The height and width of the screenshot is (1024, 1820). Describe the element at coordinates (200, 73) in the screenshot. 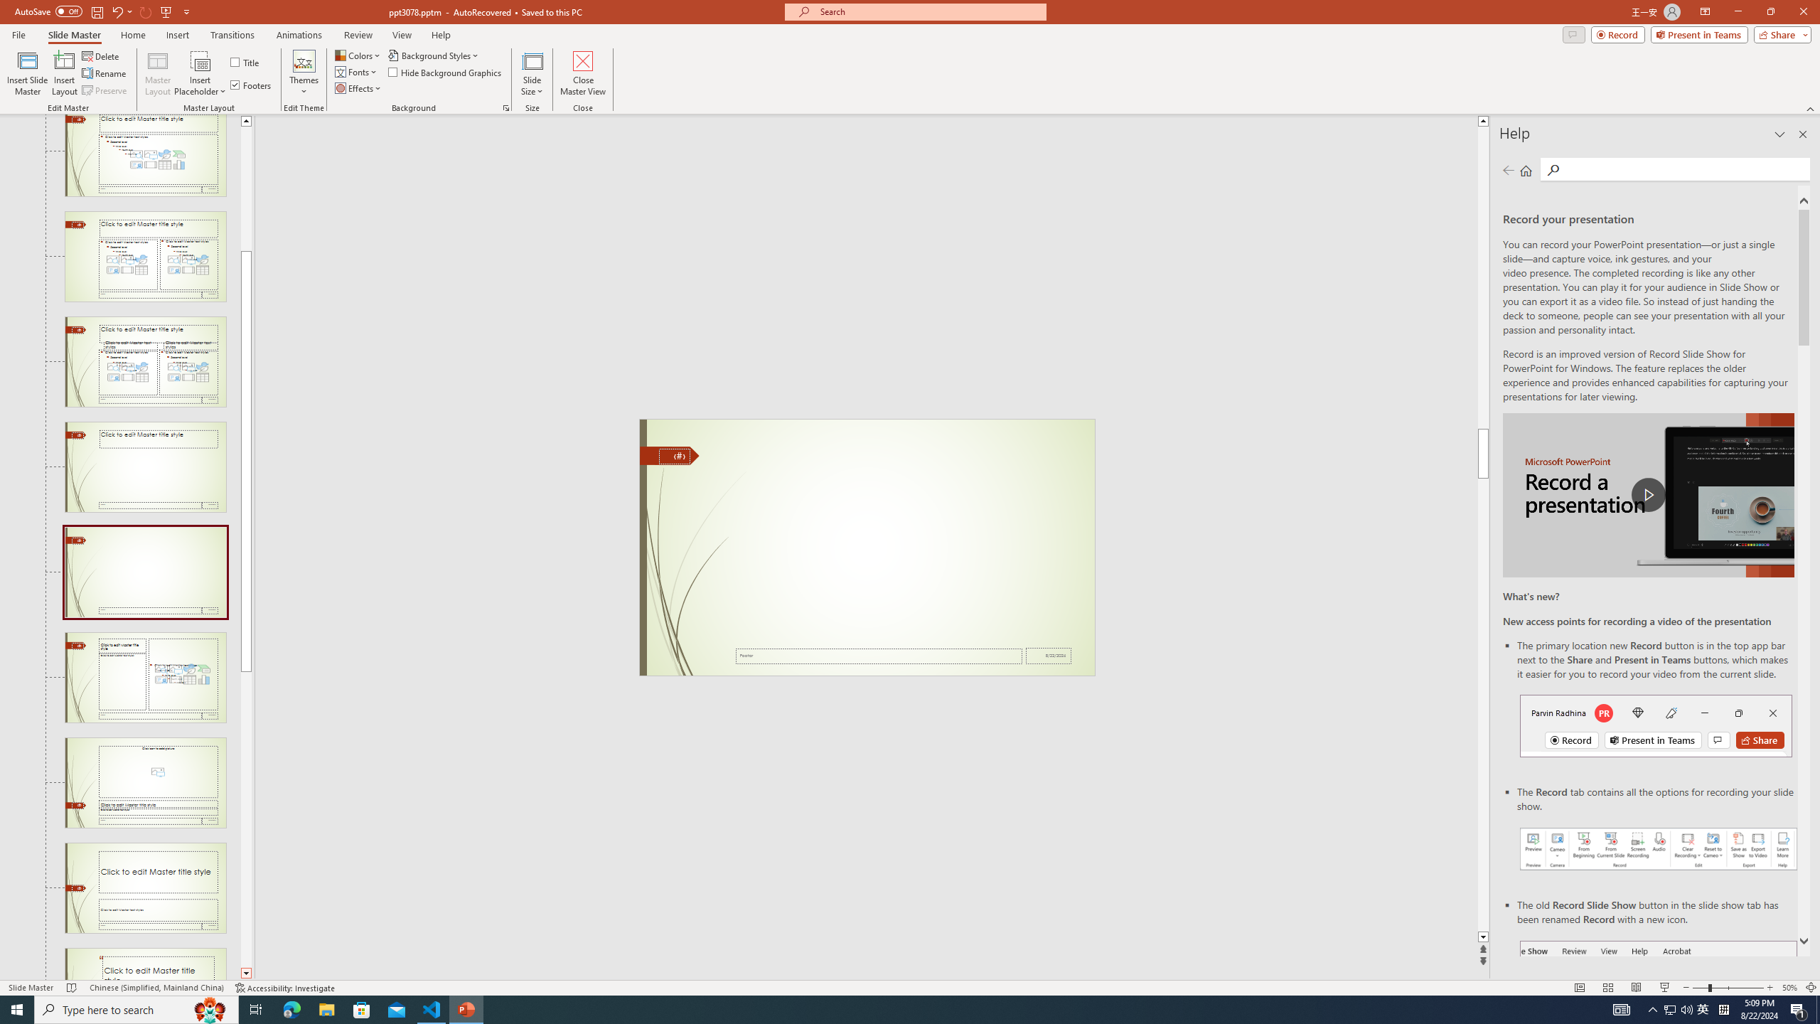

I see `'Insert Placeholder'` at that location.